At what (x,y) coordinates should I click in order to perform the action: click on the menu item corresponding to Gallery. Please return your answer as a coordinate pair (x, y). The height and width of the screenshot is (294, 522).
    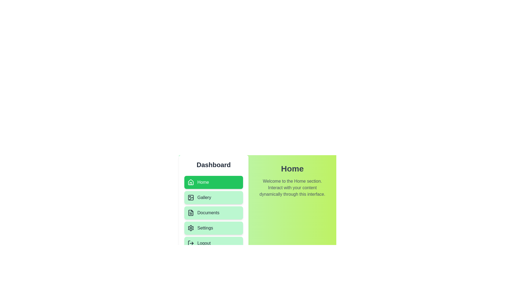
    Looking at the image, I should click on (213, 197).